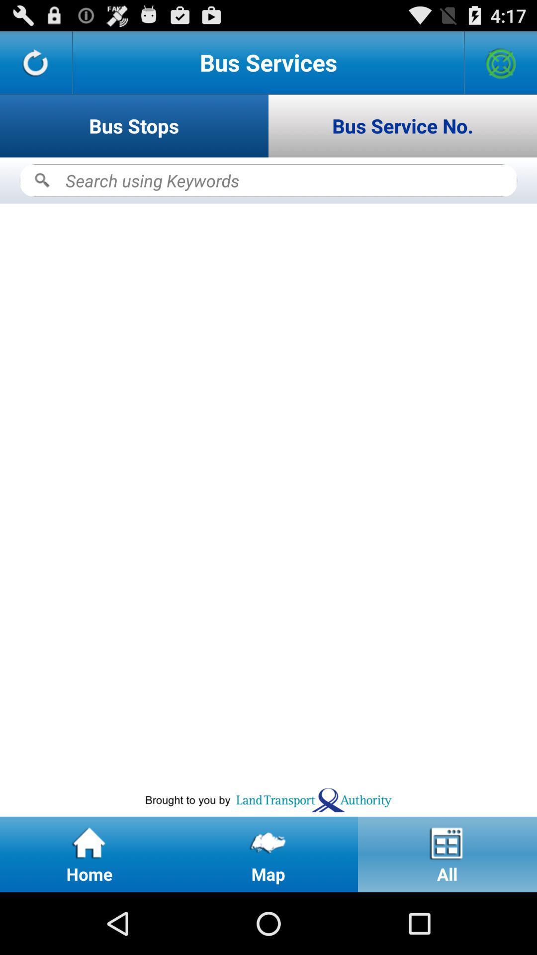 The height and width of the screenshot is (955, 537). What do you see at coordinates (268, 181) in the screenshot?
I see `search box for keywords` at bounding box center [268, 181].